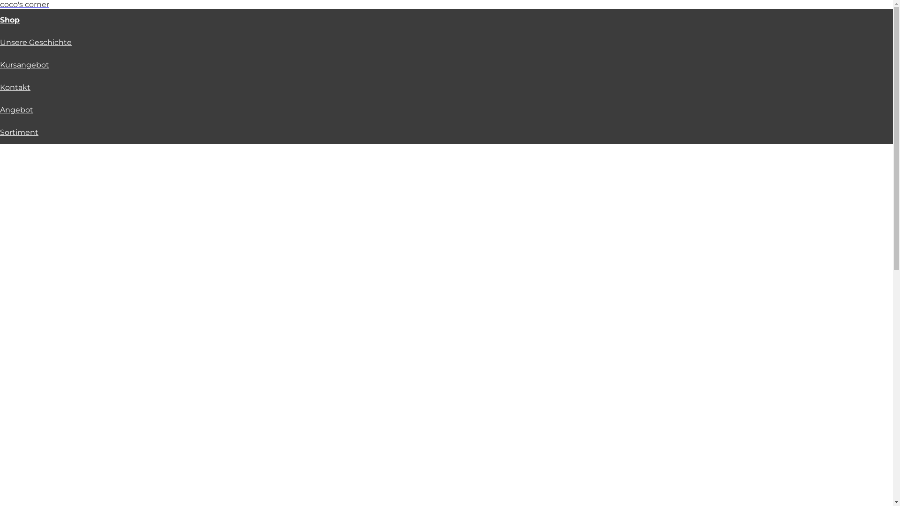  Describe the element at coordinates (15, 87) in the screenshot. I see `'Kontakt'` at that location.